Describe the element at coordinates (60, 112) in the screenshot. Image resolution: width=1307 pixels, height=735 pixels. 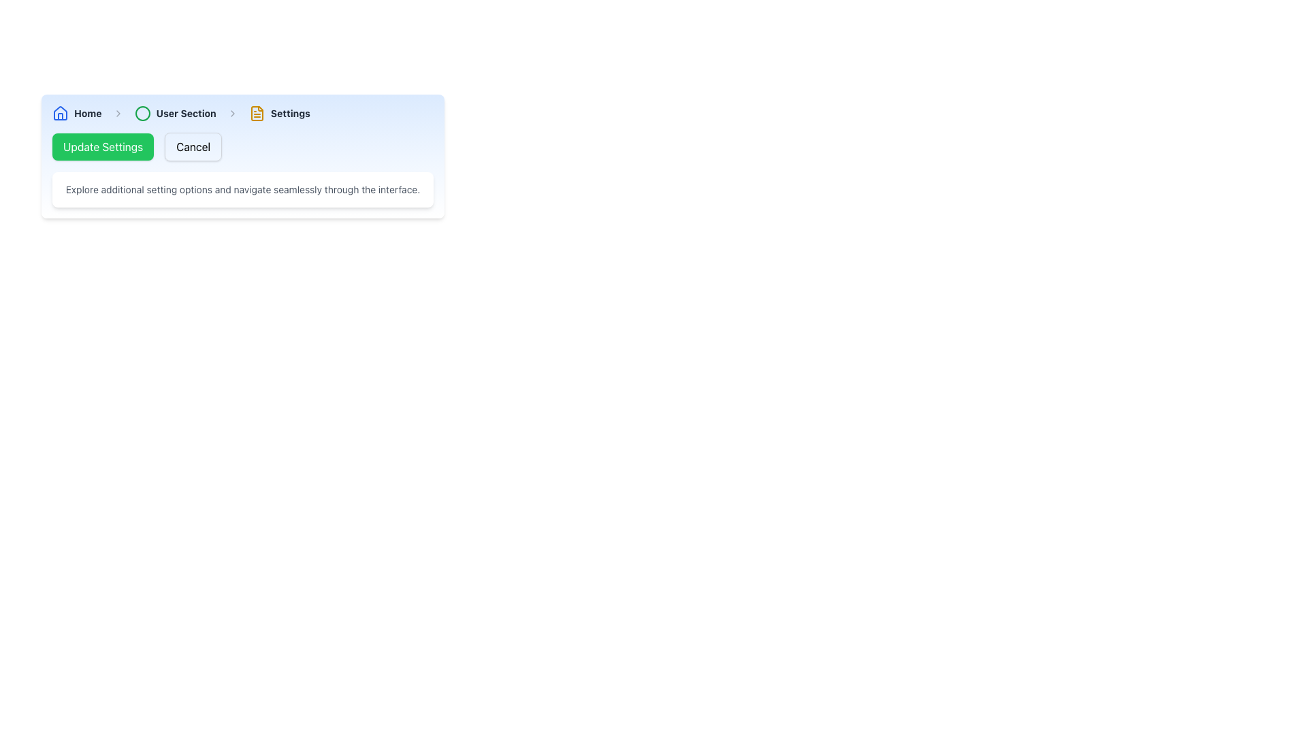
I see `the 'Home' icon located at the beginning of the breadcrumb navigation bar, to the left of the 'Home' text label` at that location.